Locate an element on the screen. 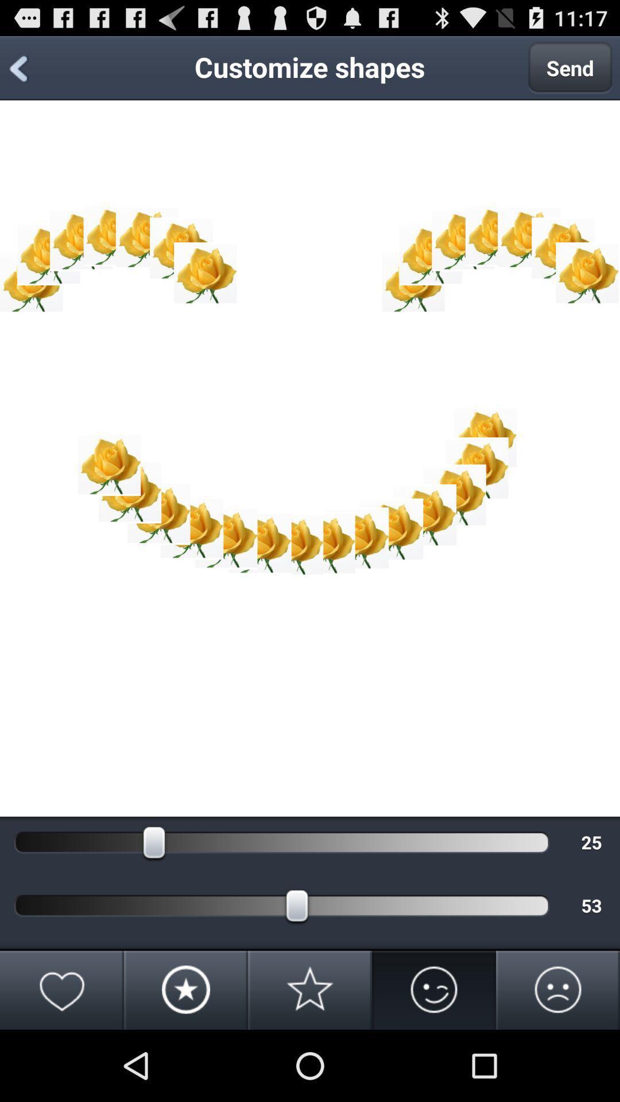  the icon next to the customize shapes is located at coordinates (570, 67).